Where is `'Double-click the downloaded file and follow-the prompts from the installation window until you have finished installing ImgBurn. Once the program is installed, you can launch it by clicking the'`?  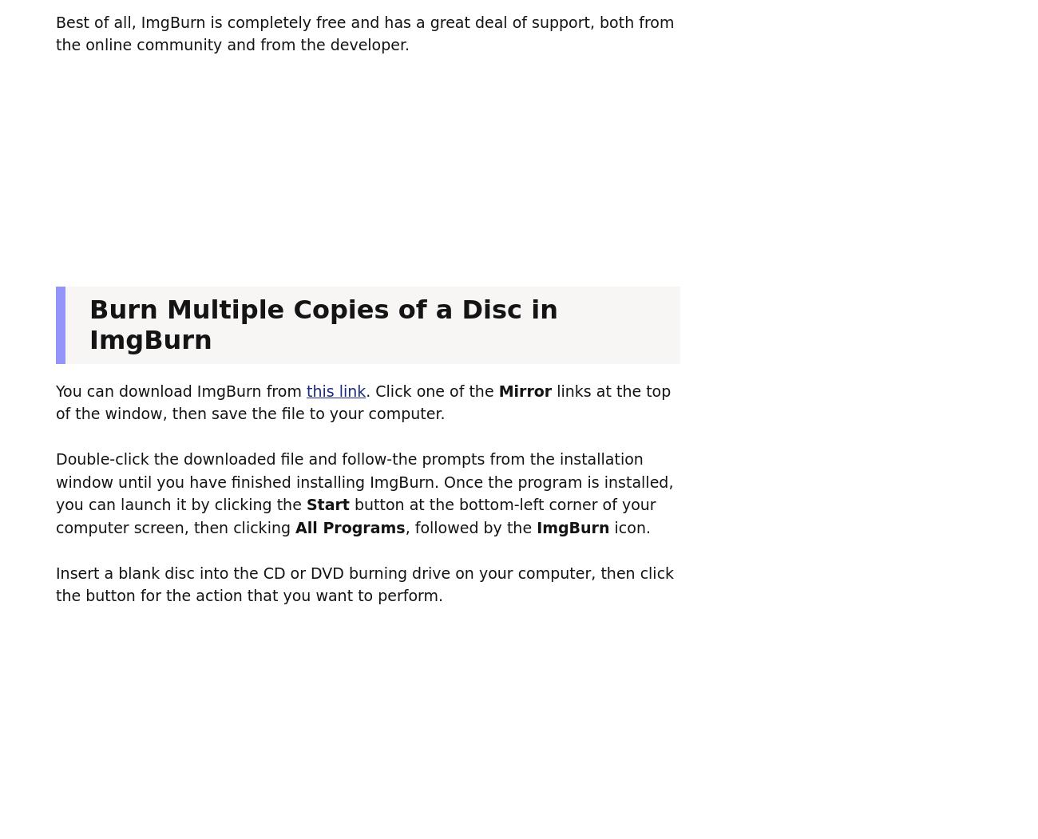
'Double-click the downloaded file and follow-the prompts from the installation window until you have finished installing ImgBurn. Once the program is installed, you can launch it by clicking the' is located at coordinates (363, 481).